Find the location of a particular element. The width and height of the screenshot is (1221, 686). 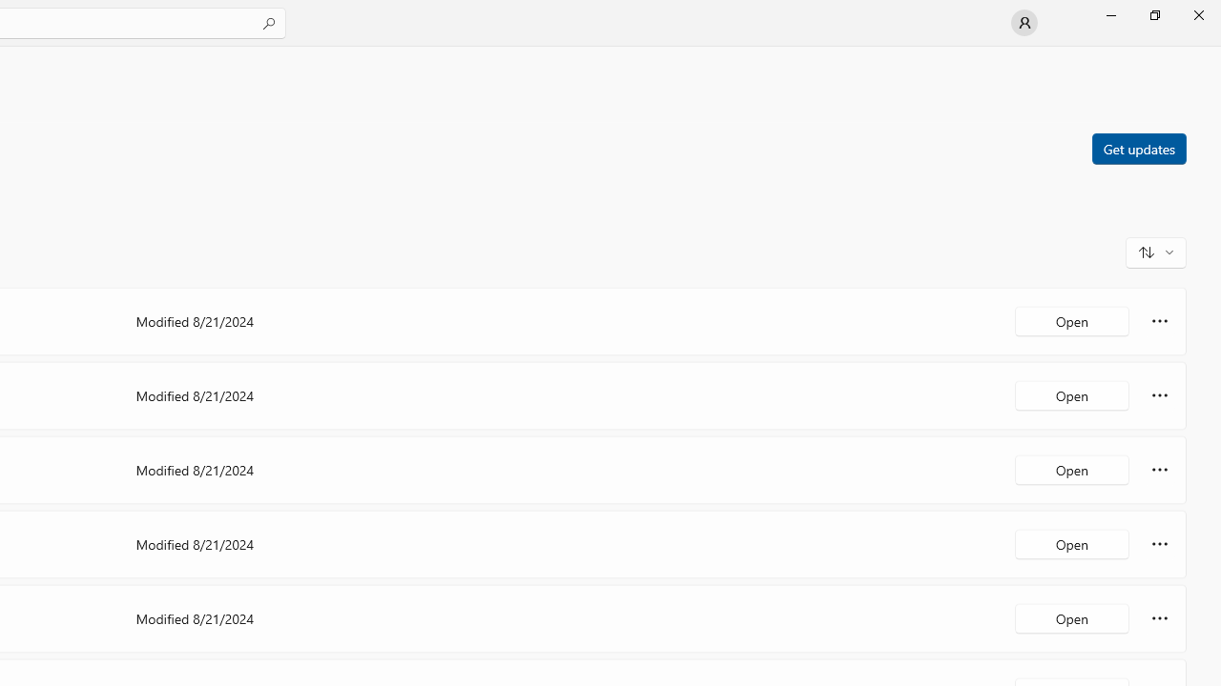

'User profile' is located at coordinates (1023, 23).